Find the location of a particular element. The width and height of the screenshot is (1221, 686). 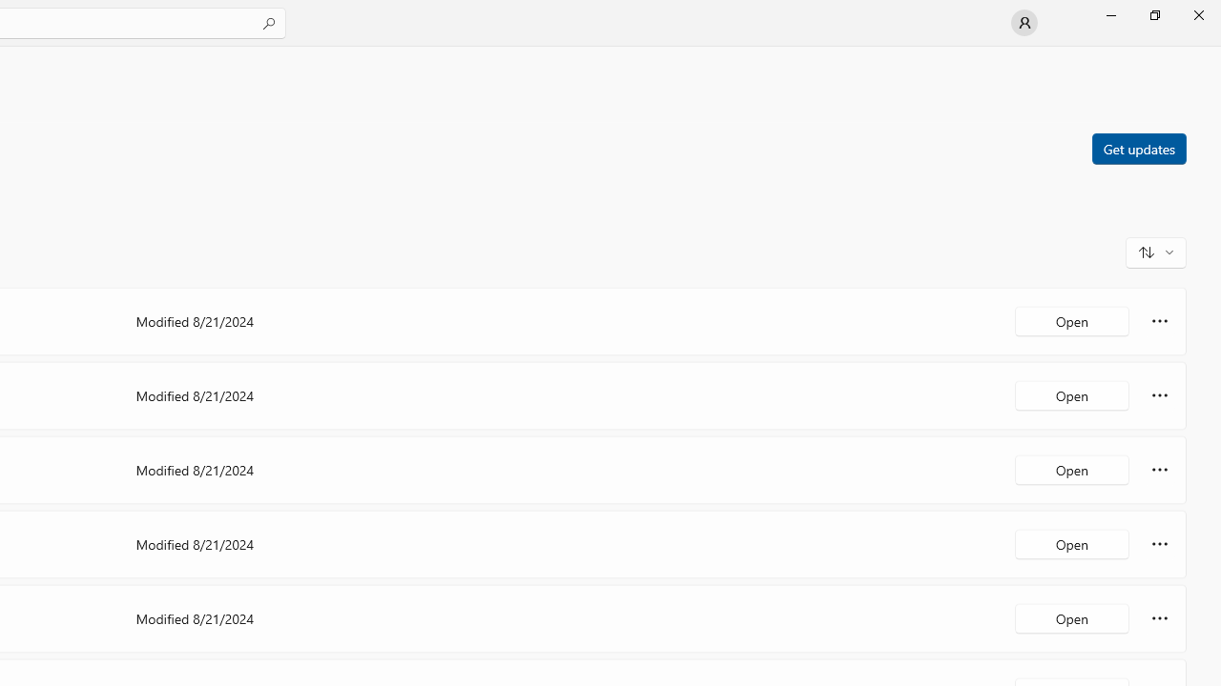

'User profile' is located at coordinates (1023, 23).